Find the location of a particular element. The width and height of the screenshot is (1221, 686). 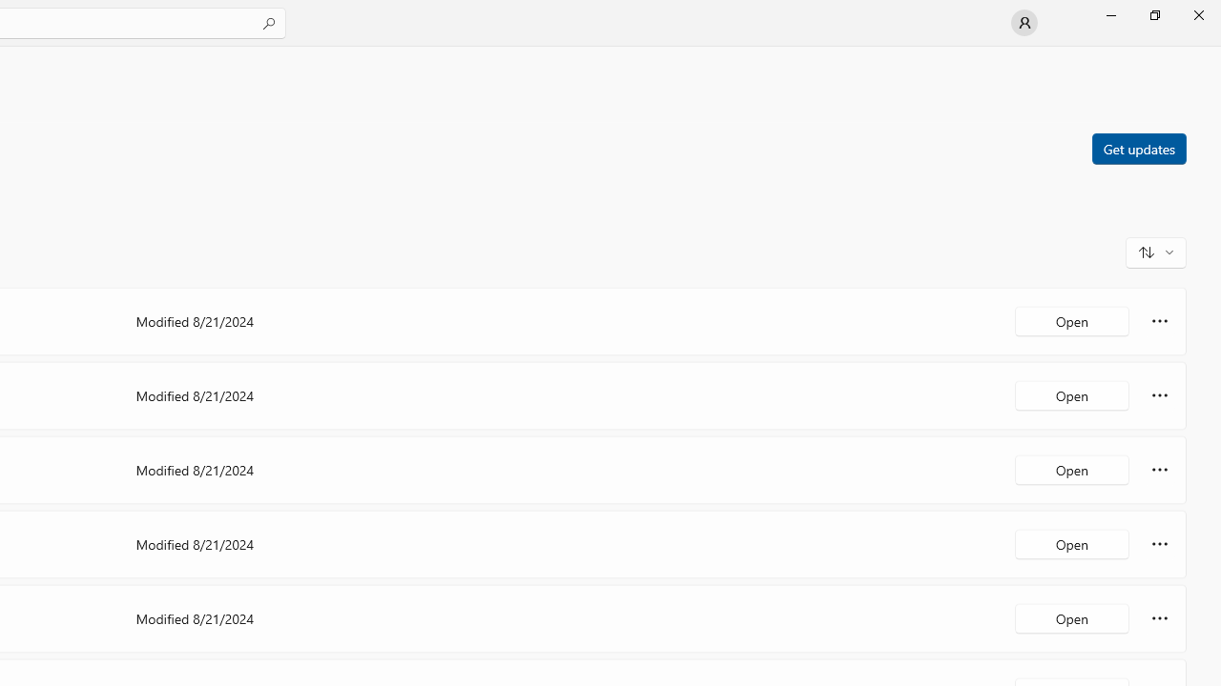

'User profile' is located at coordinates (1023, 23).